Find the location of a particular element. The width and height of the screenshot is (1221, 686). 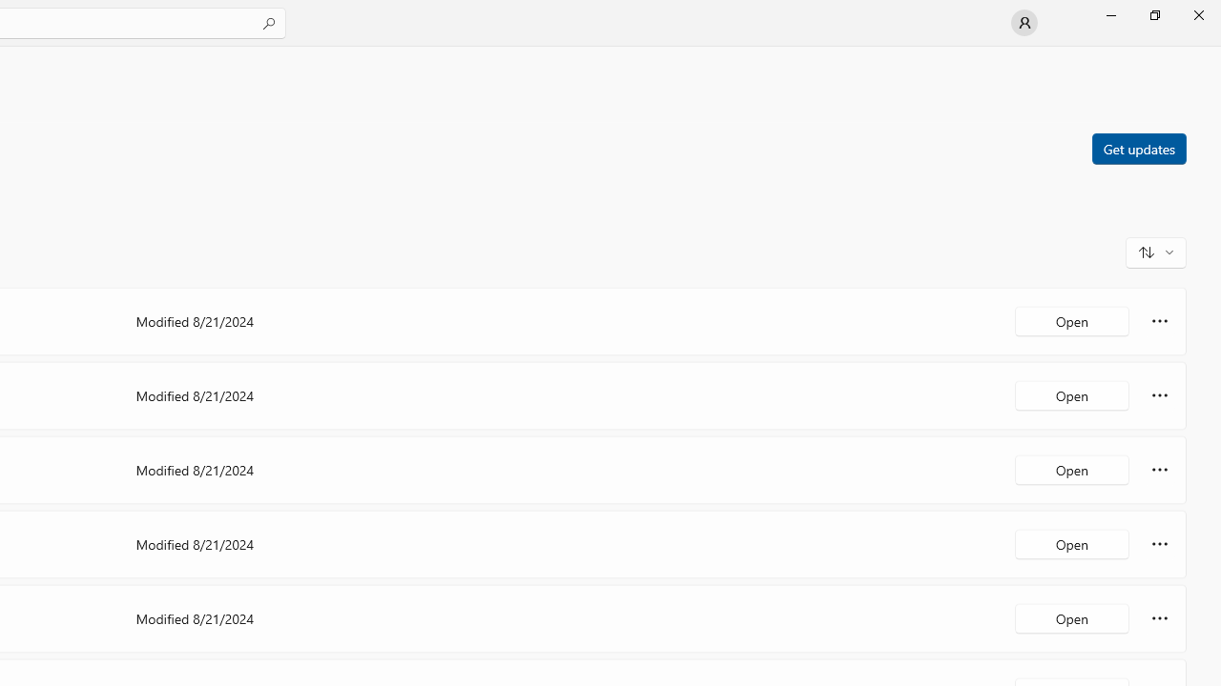

'User profile' is located at coordinates (1023, 23).